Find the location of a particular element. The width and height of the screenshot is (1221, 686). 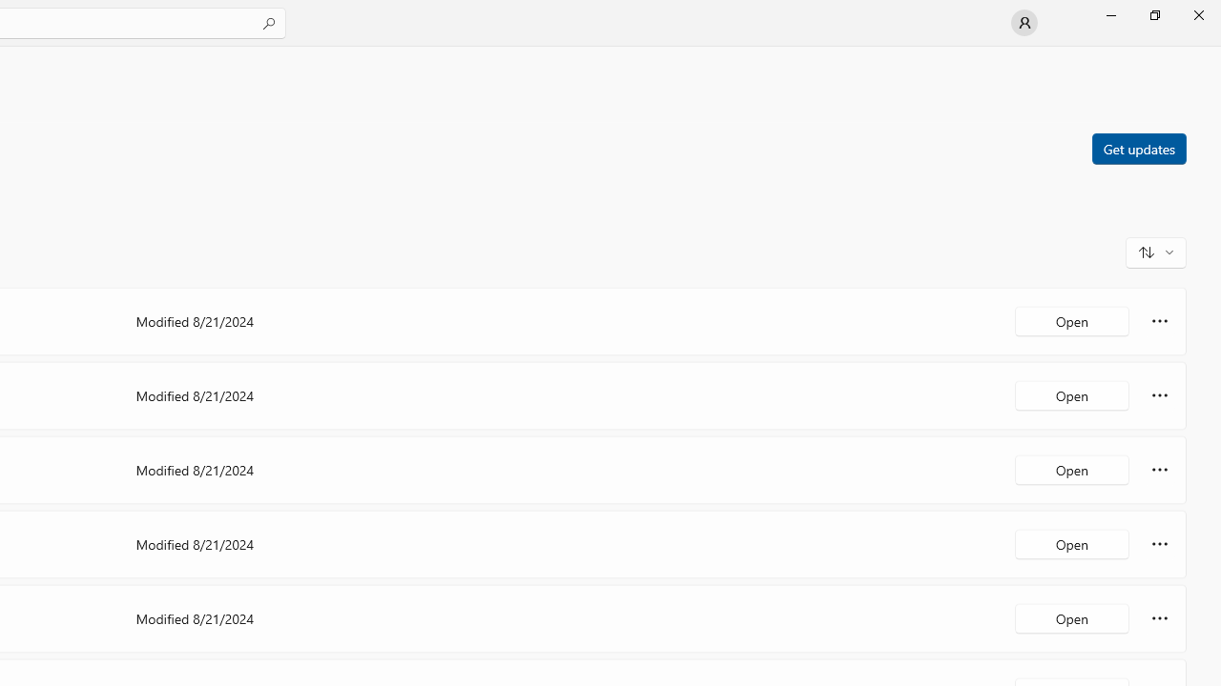

'User profile' is located at coordinates (1023, 23).